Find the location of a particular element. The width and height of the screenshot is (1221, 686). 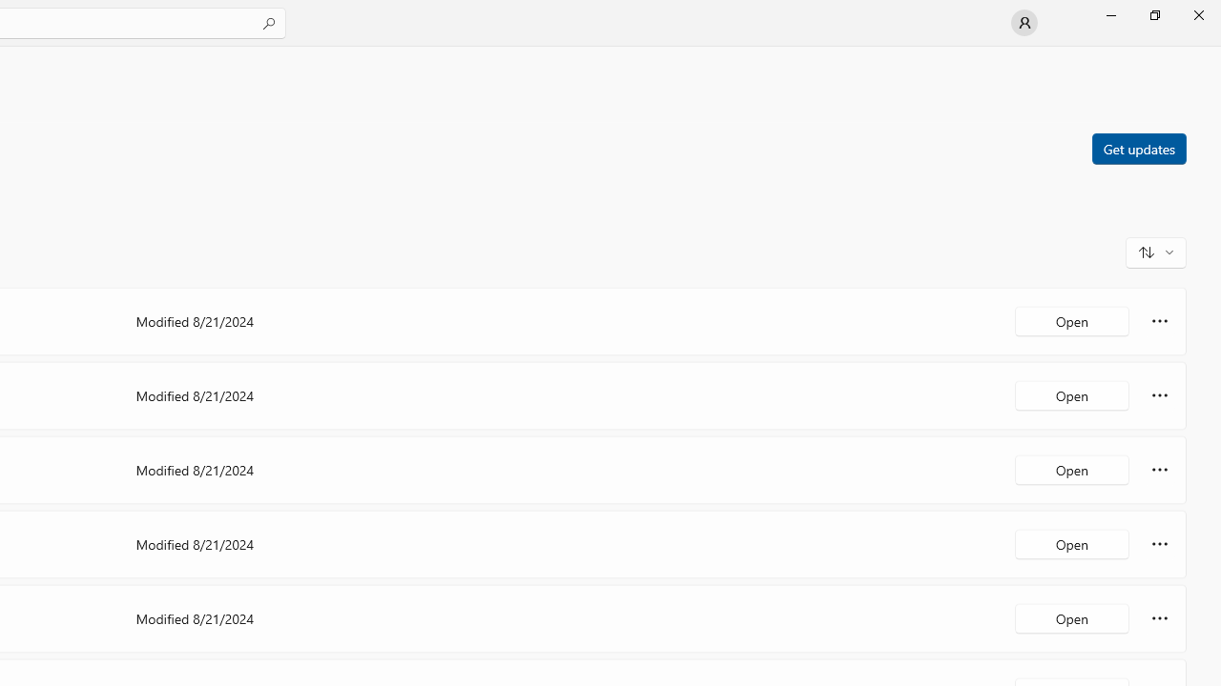

'User profile' is located at coordinates (1023, 23).